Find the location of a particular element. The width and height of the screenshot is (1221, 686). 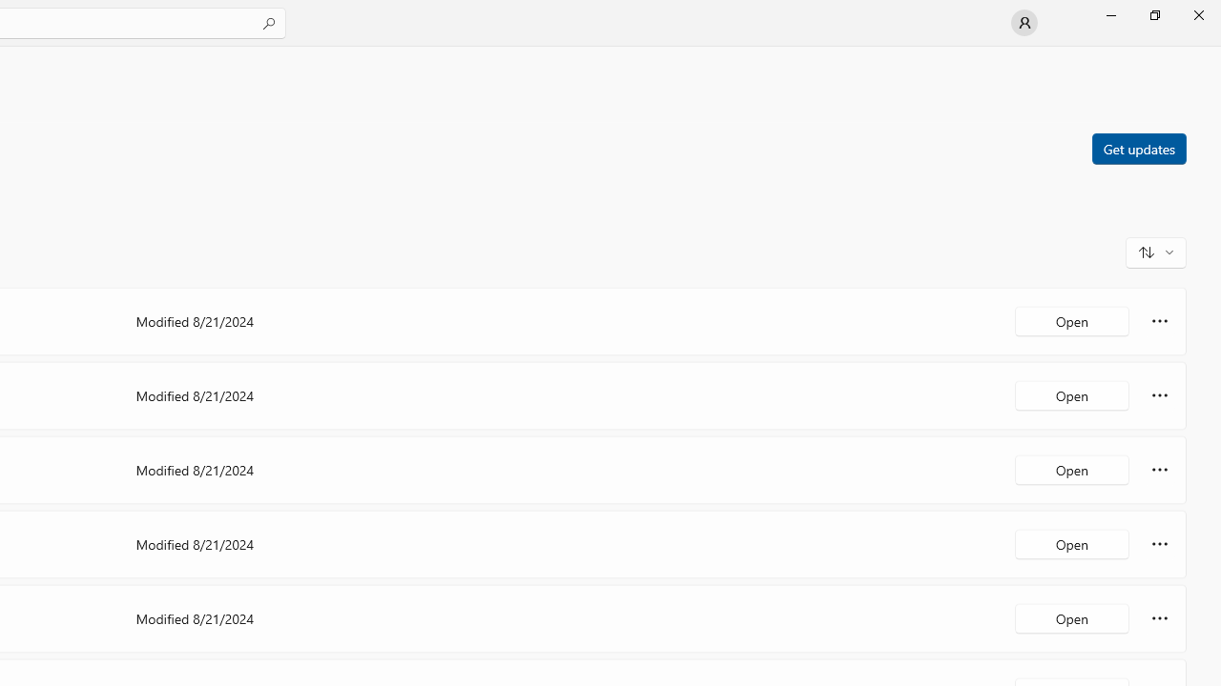

'User profile' is located at coordinates (1023, 23).